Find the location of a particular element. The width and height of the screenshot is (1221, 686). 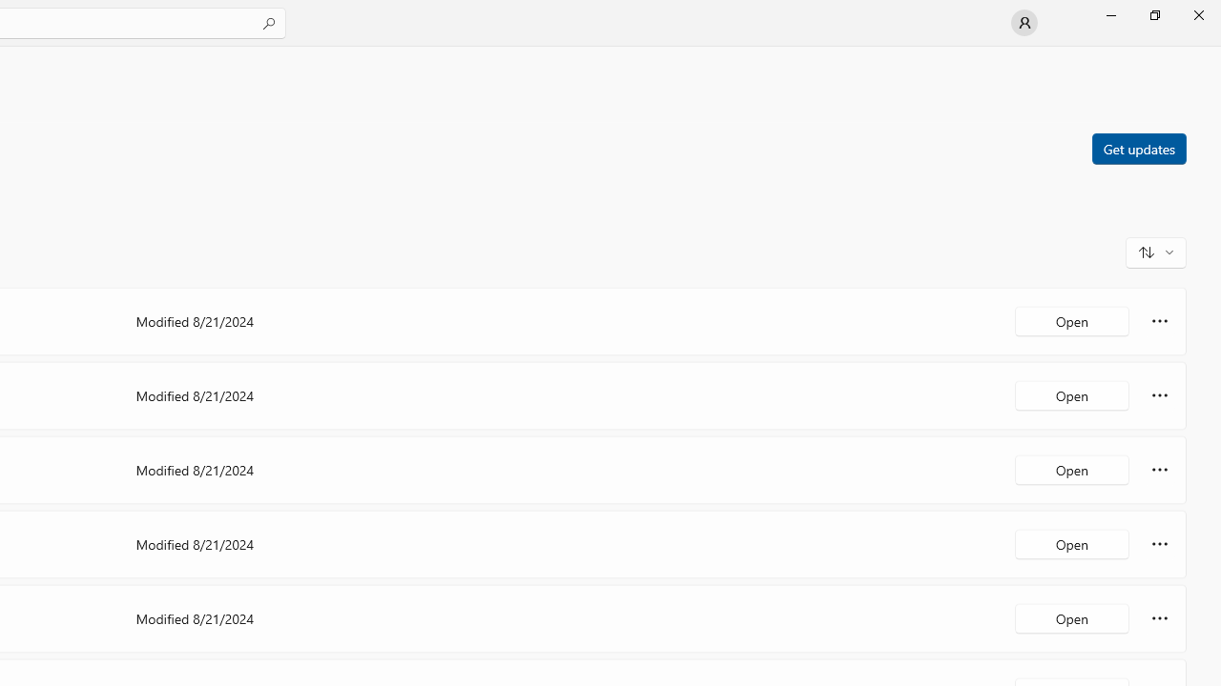

'User profile' is located at coordinates (1023, 23).